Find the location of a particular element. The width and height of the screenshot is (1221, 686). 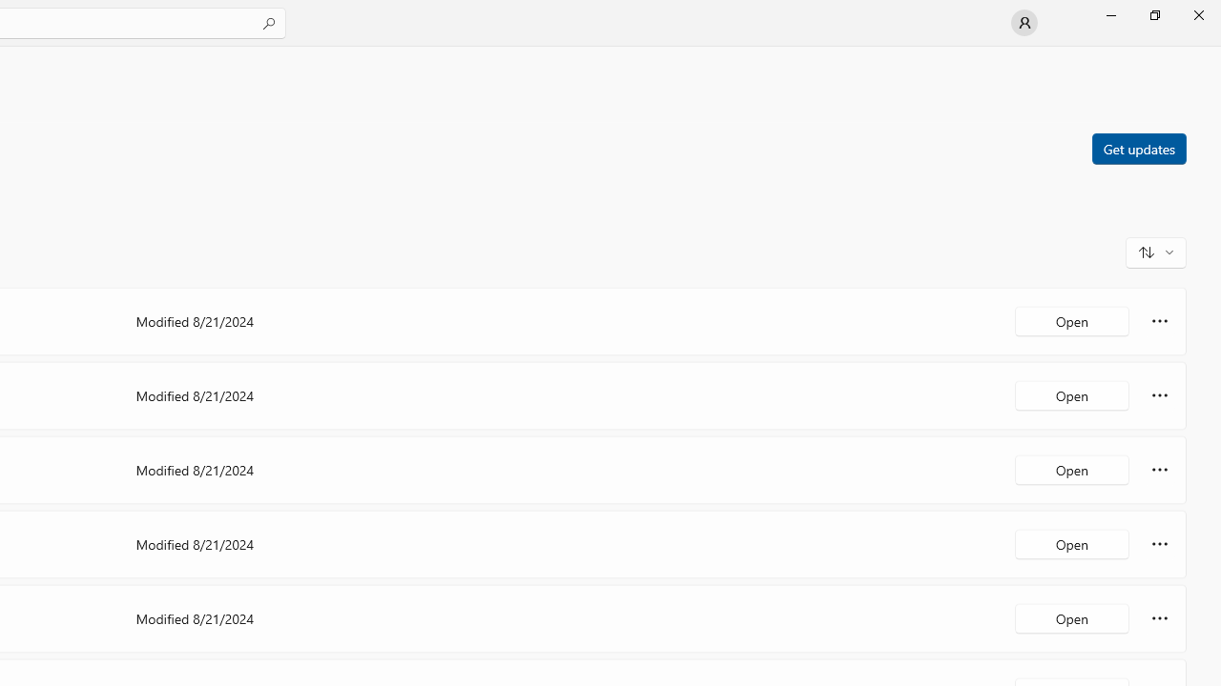

'User profile' is located at coordinates (1023, 23).